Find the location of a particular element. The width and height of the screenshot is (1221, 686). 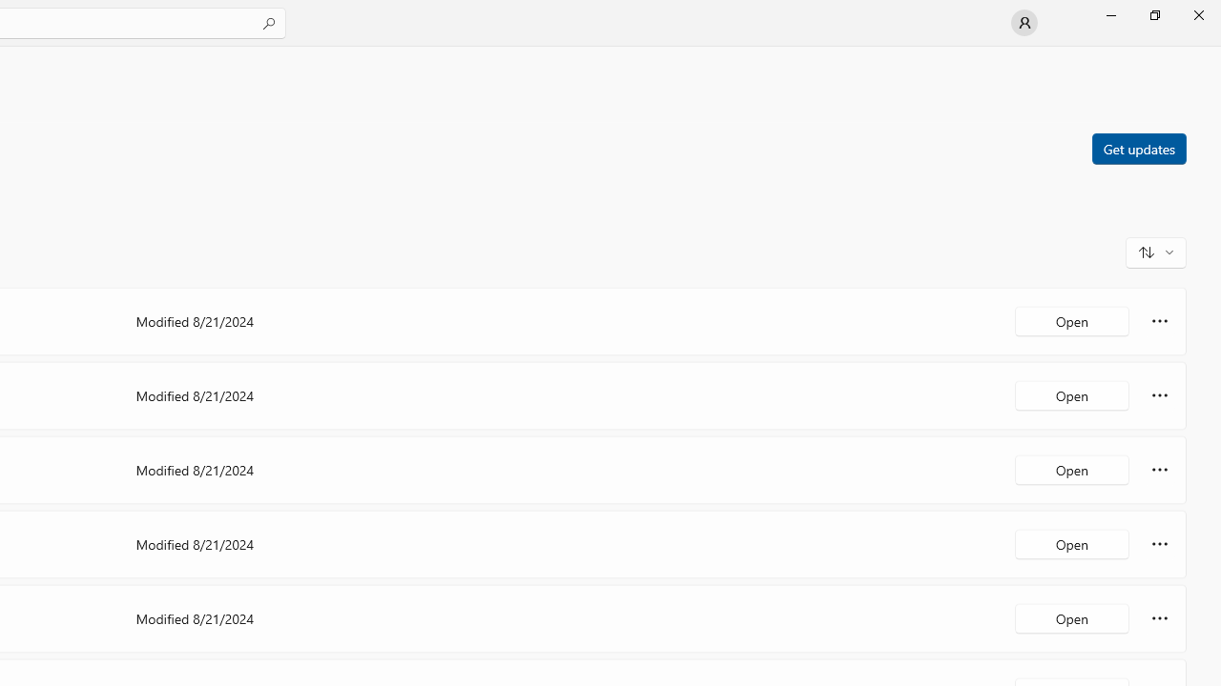

'User profile' is located at coordinates (1023, 23).